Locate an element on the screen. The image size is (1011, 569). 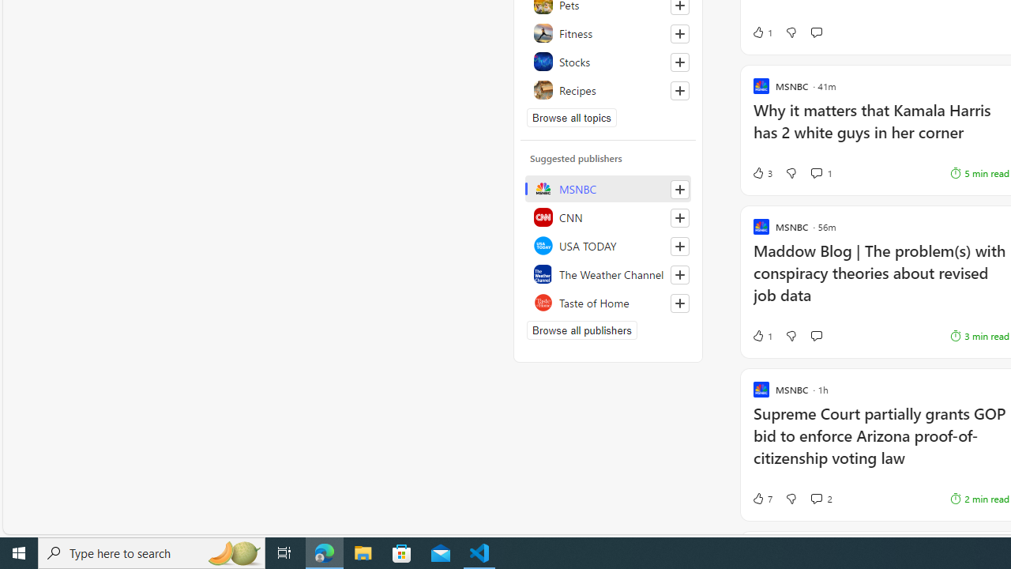
'The Weather Channel' is located at coordinates (607, 273).